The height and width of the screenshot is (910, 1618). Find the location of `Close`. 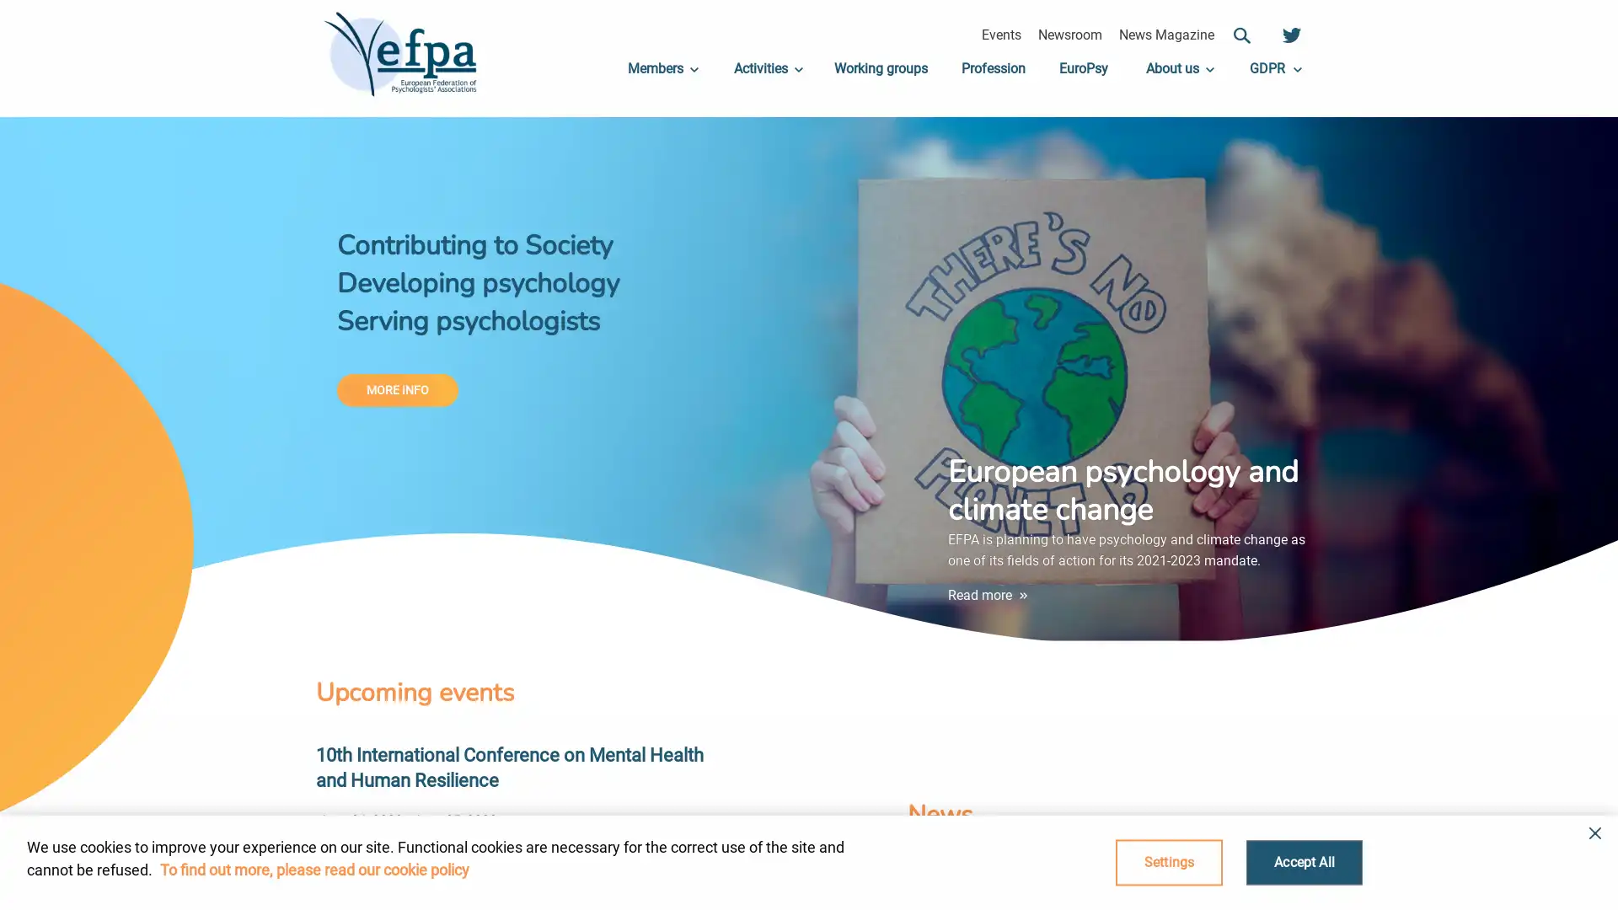

Close is located at coordinates (1589, 845).